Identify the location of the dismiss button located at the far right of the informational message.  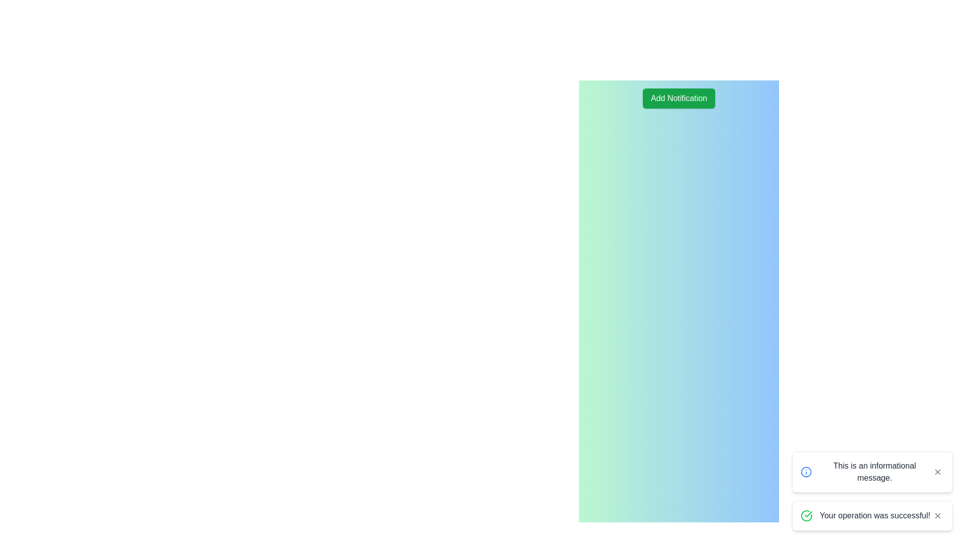
(937, 472).